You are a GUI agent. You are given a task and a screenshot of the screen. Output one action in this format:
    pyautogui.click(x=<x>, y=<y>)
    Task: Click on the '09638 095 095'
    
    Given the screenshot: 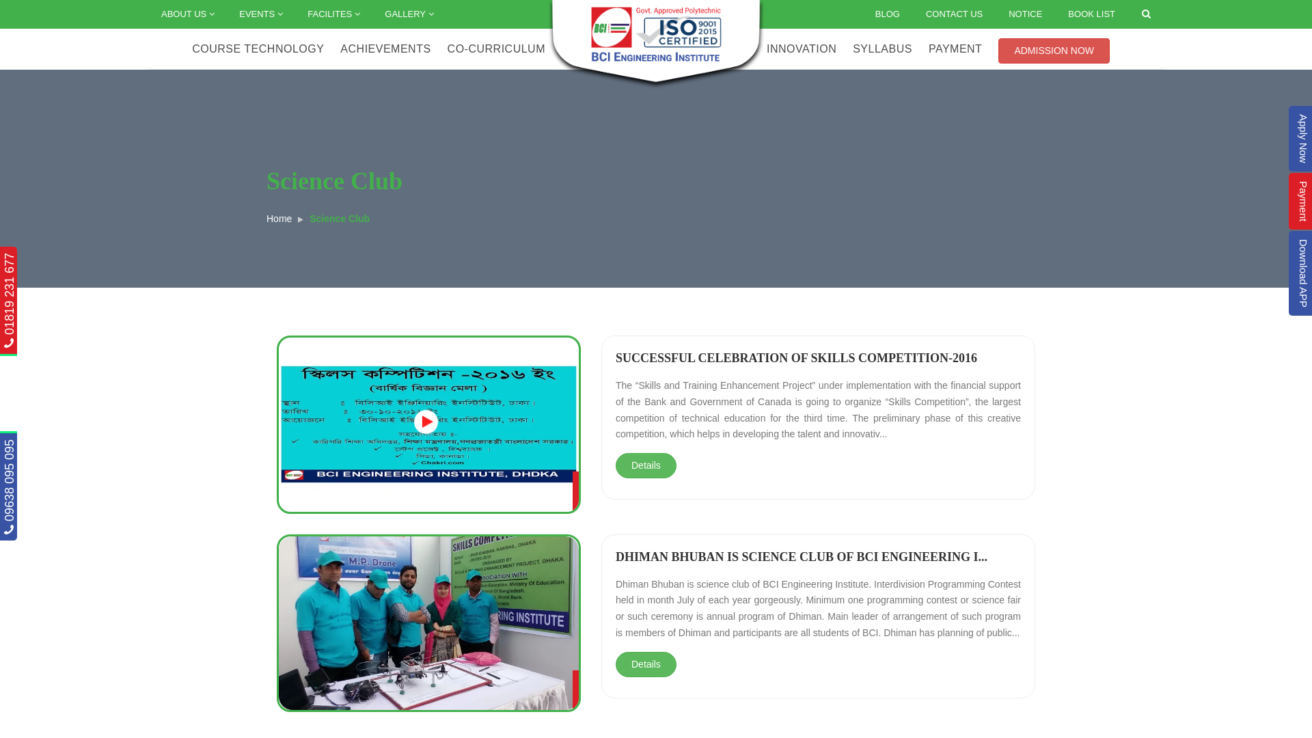 What is the action you would take?
    pyautogui.click(x=50, y=446)
    